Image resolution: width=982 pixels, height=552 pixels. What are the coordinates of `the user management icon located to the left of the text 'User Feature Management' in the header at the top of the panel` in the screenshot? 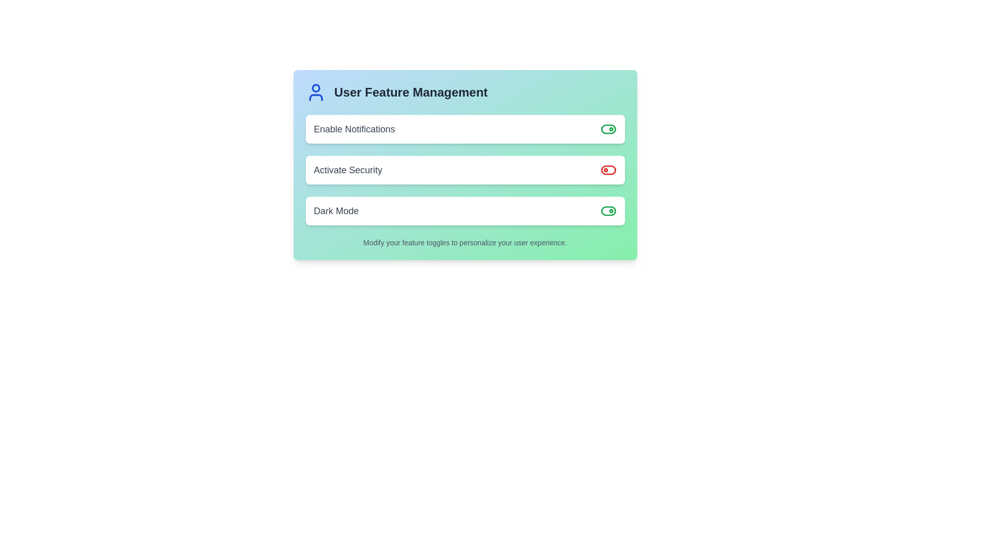 It's located at (315, 93).